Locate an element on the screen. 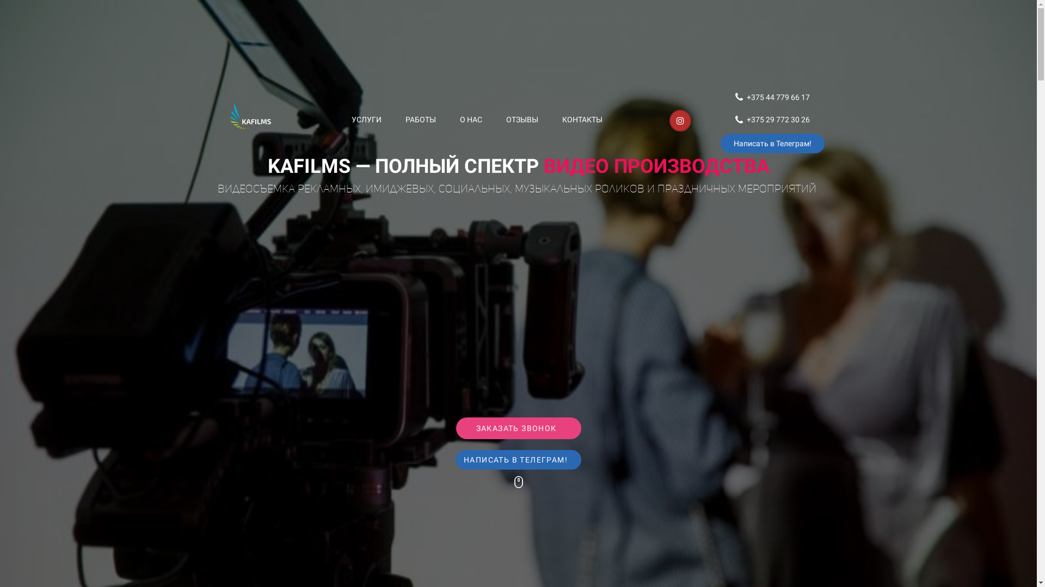 The height and width of the screenshot is (587, 1045). '+375 44 779 66 17' is located at coordinates (772, 96).